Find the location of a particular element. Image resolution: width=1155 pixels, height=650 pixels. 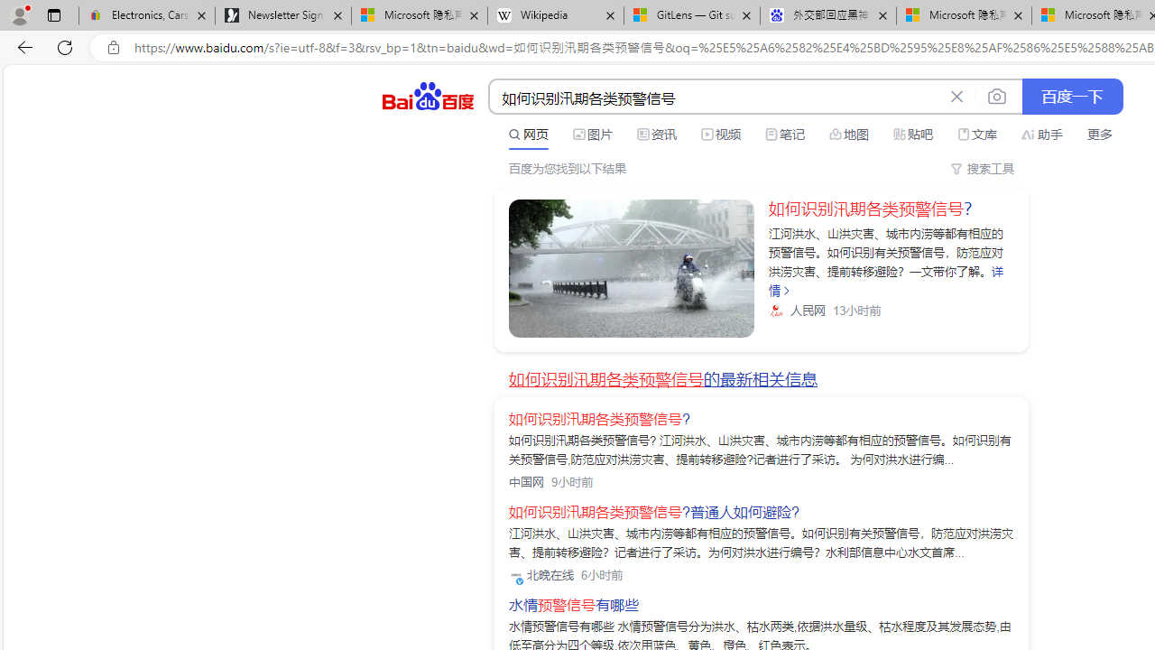

'Newsletter Sign Up' is located at coordinates (282, 15).